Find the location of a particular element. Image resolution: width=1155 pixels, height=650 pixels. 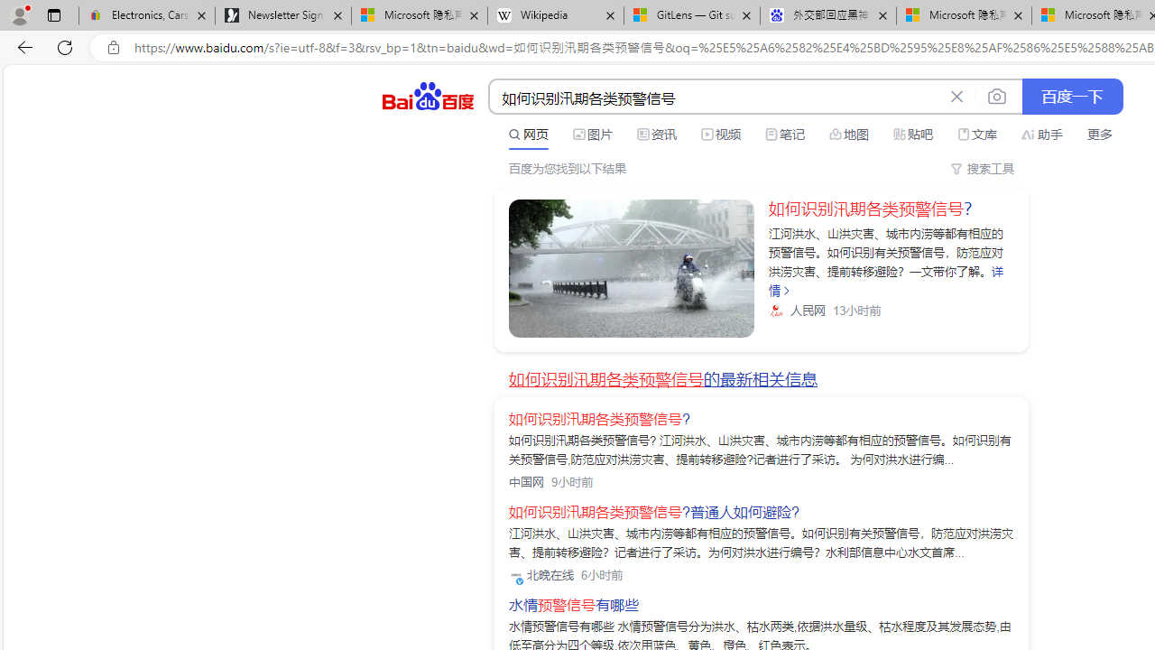

'Newsletter Sign Up' is located at coordinates (282, 15).